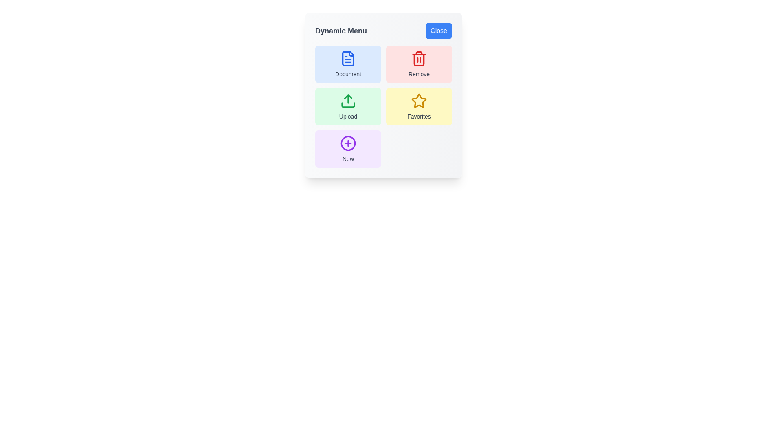 This screenshot has height=440, width=782. What do you see at coordinates (419, 106) in the screenshot?
I see `the yellow rectangular button labeled 'Favorites' which contains a star icon, to trigger its hover state` at bounding box center [419, 106].